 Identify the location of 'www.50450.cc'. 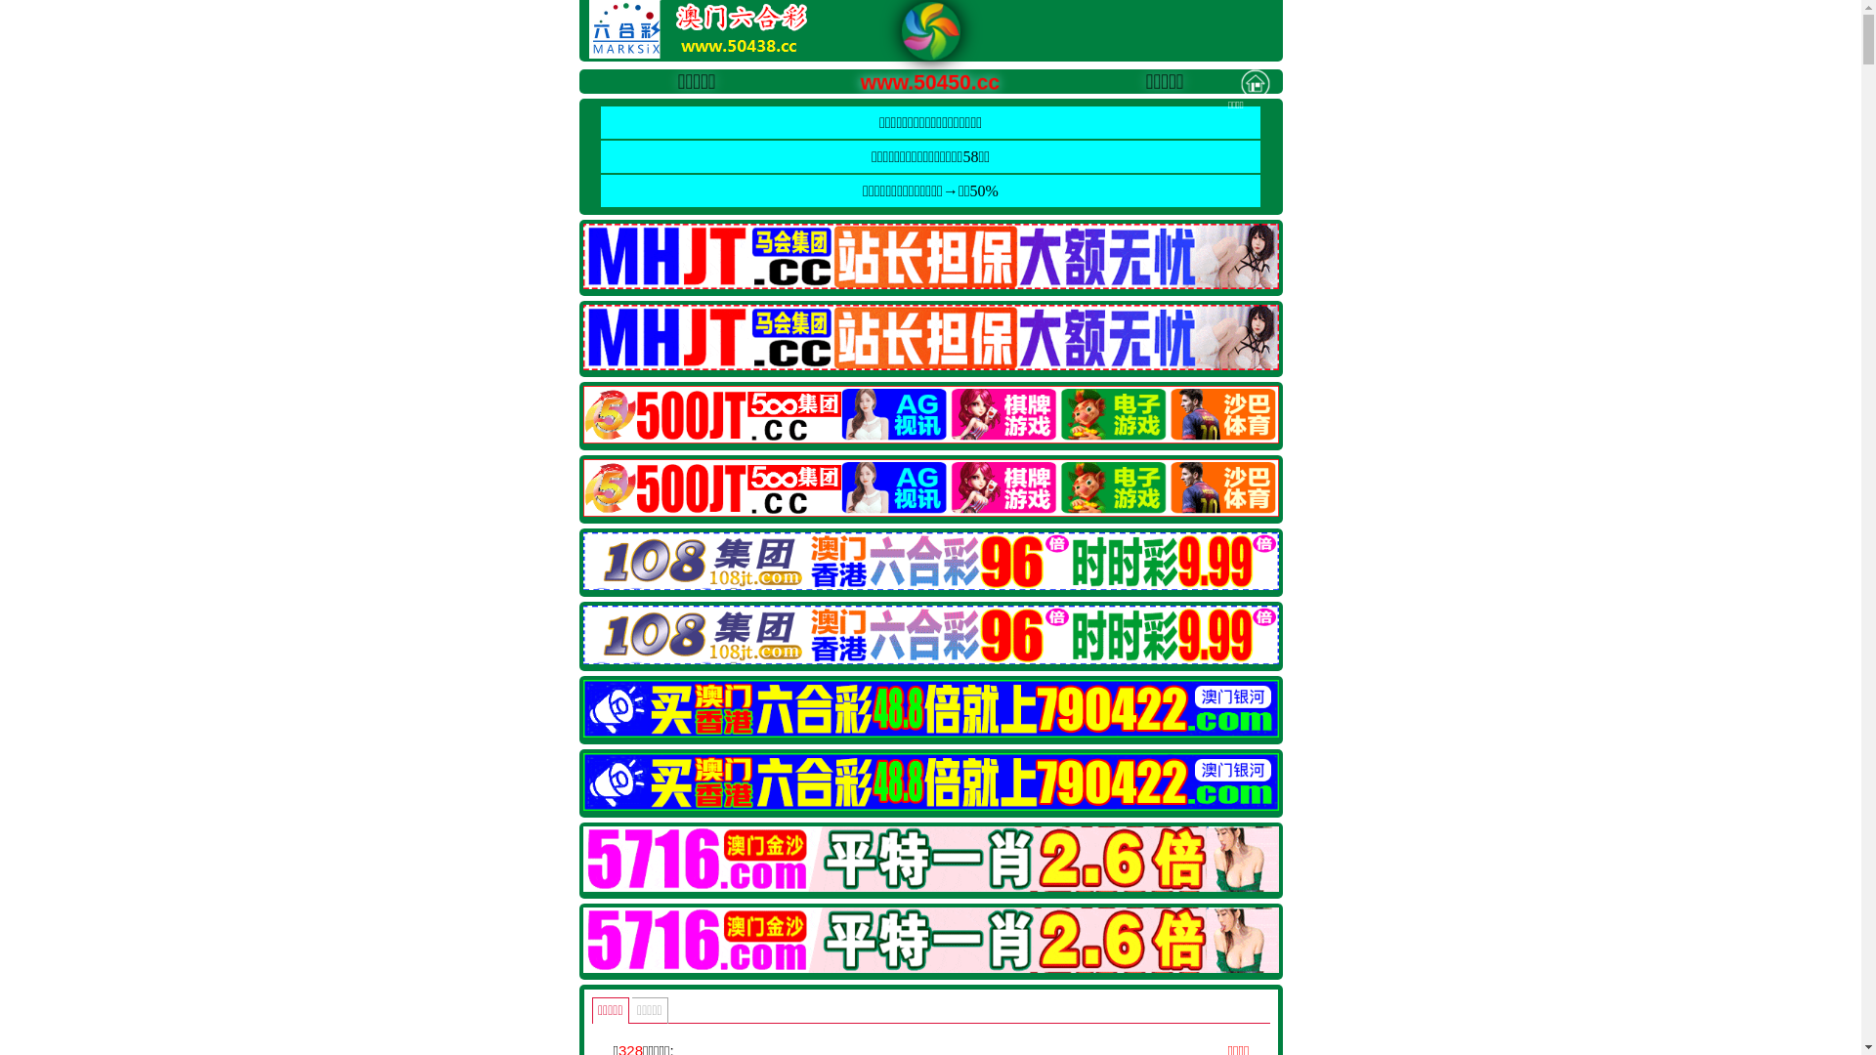
(908, 78).